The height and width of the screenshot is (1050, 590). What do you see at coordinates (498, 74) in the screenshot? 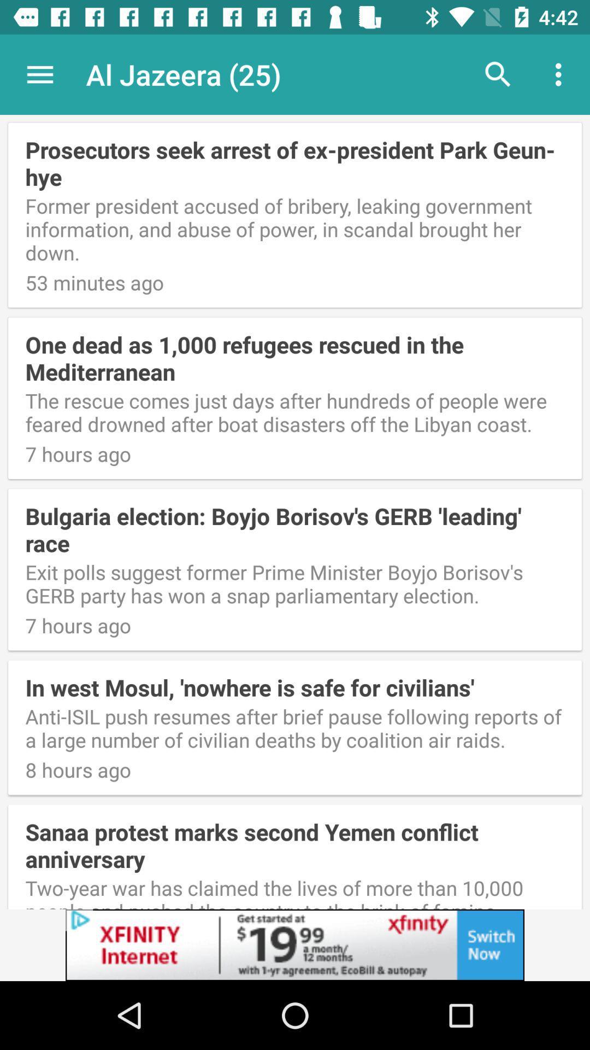
I see `the item to the right of al jazeera (25)` at bounding box center [498, 74].